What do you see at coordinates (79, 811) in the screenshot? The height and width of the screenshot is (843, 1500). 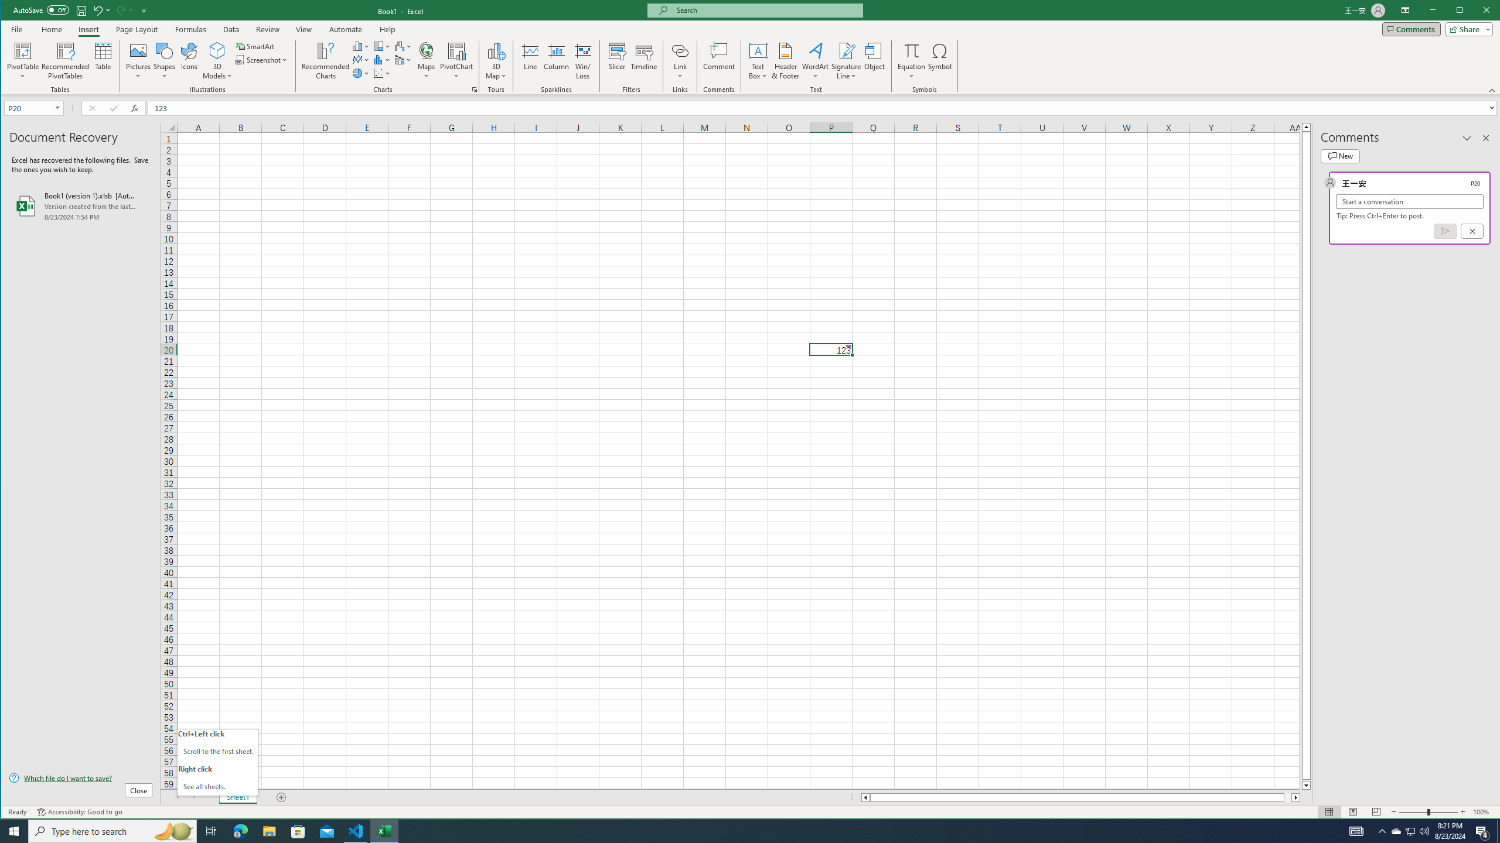 I see `'Accessibility Checker Accessibility: Good to go'` at bounding box center [79, 811].